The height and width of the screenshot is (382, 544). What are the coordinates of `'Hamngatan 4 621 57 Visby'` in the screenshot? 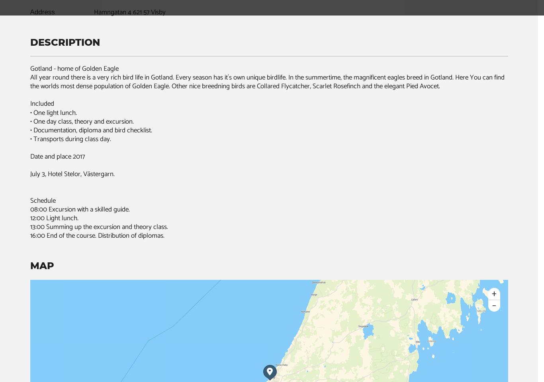 It's located at (129, 12).